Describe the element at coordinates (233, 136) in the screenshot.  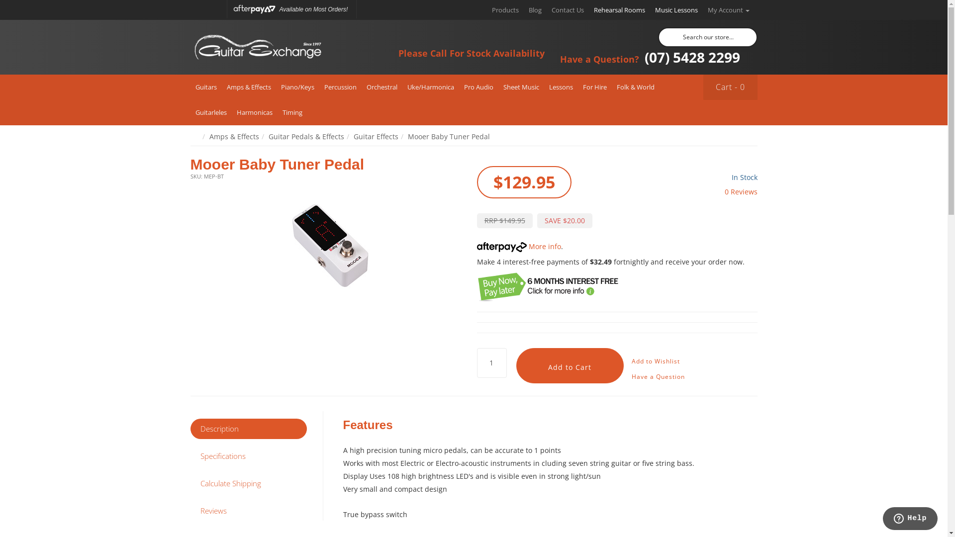
I see `'Amps & Effects'` at that location.